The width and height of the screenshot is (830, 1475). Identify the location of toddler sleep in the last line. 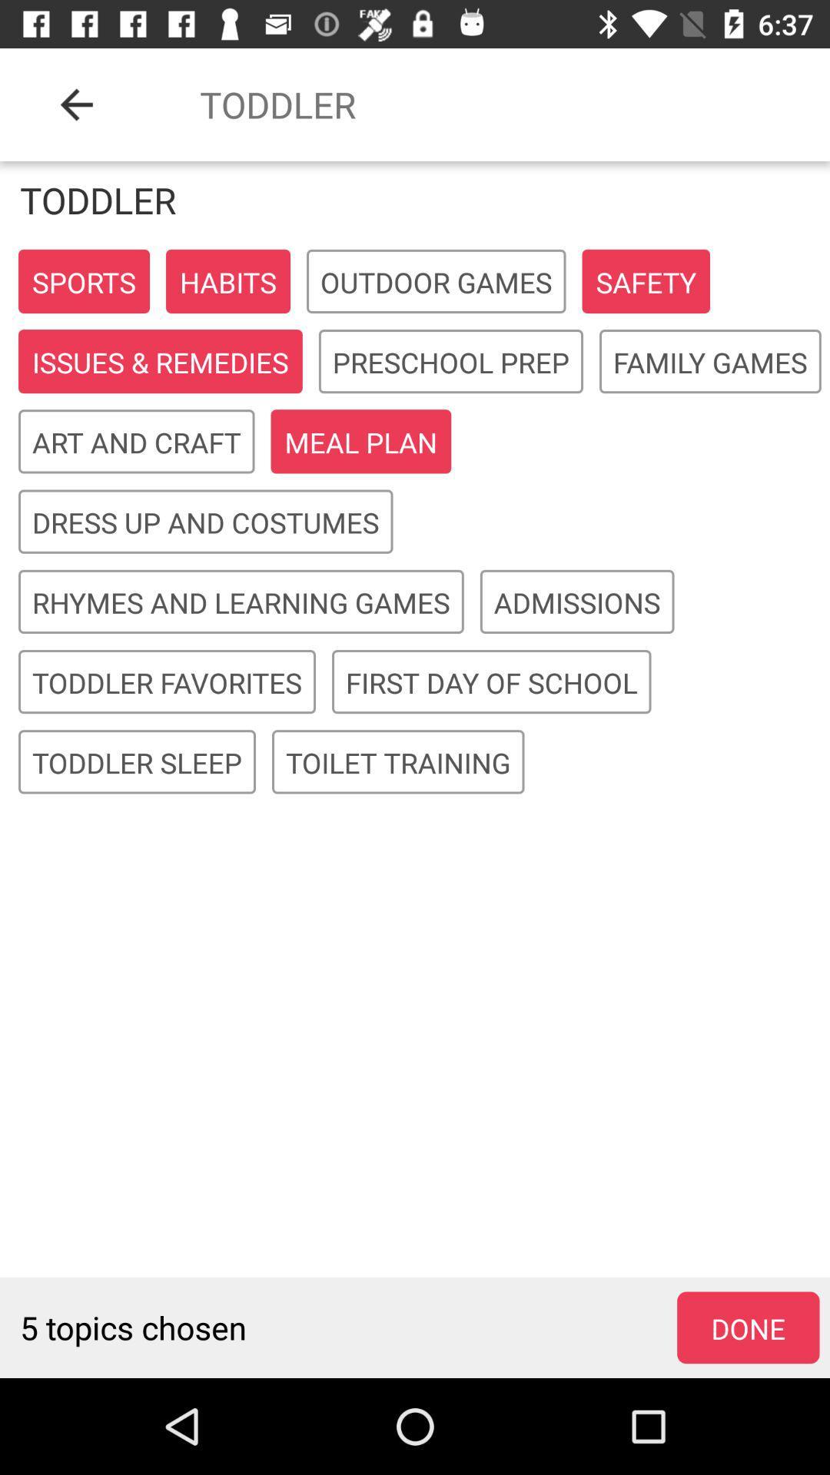
(136, 762).